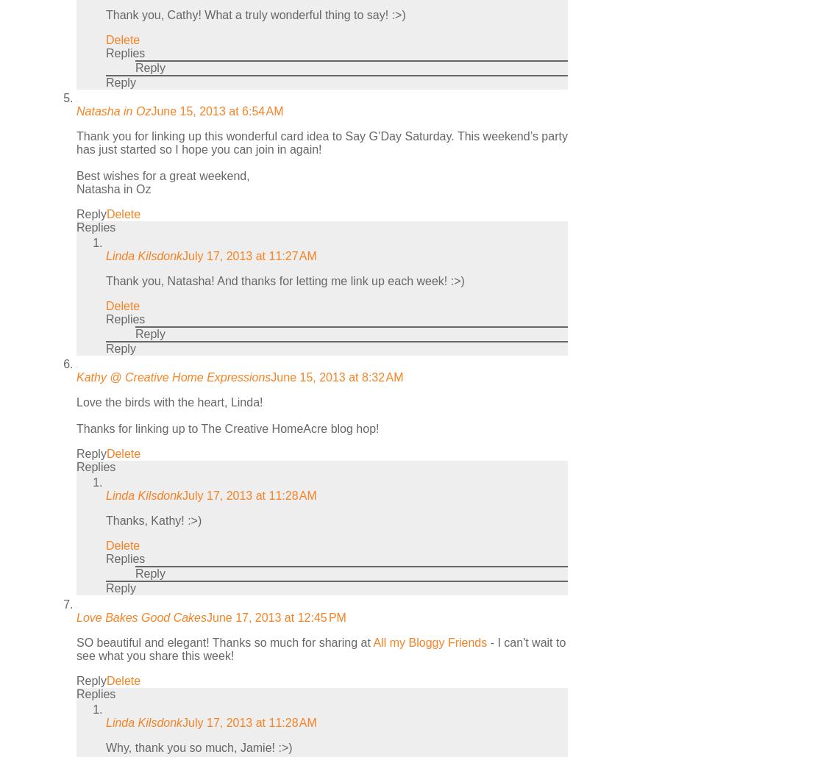 The height and width of the screenshot is (757, 815). I want to click on 'Love Bakes Good Cakes', so click(141, 616).